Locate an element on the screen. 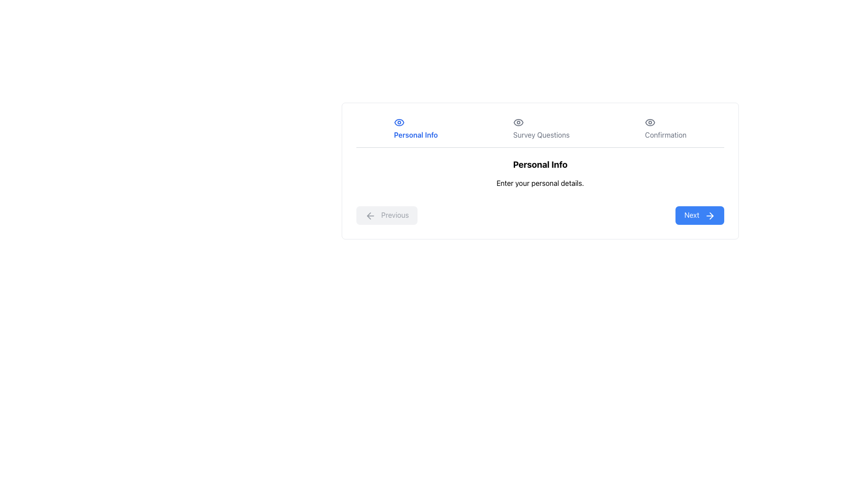  the rightmost text label in the horizontal navigation bar that indicates the 'Confirmation' step of the process is located at coordinates (666, 135).